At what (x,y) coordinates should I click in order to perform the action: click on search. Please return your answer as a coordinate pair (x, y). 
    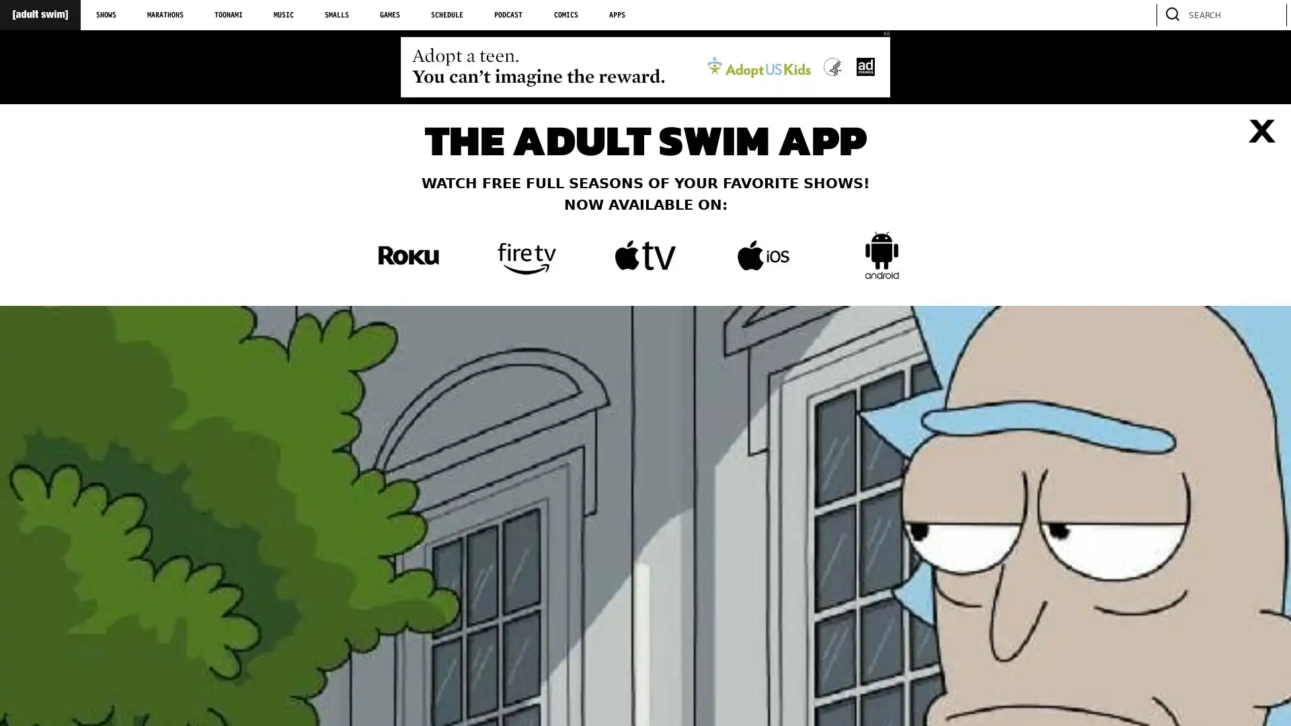
    Looking at the image, I should click on (1269, 15).